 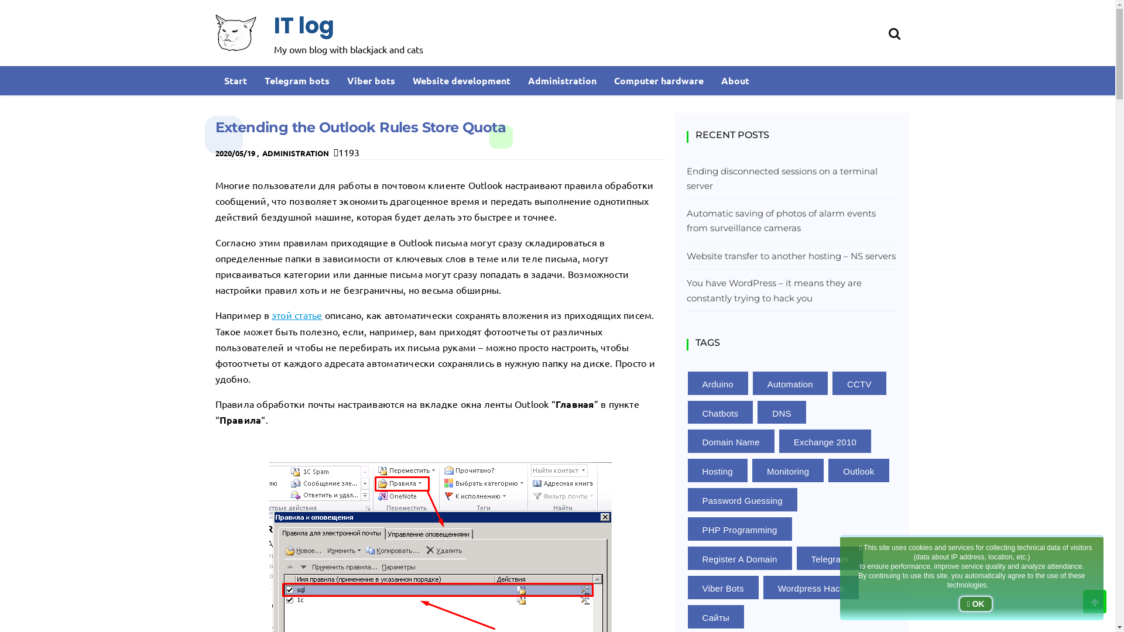 What do you see at coordinates (370, 80) in the screenshot?
I see `'Viber bots'` at bounding box center [370, 80].